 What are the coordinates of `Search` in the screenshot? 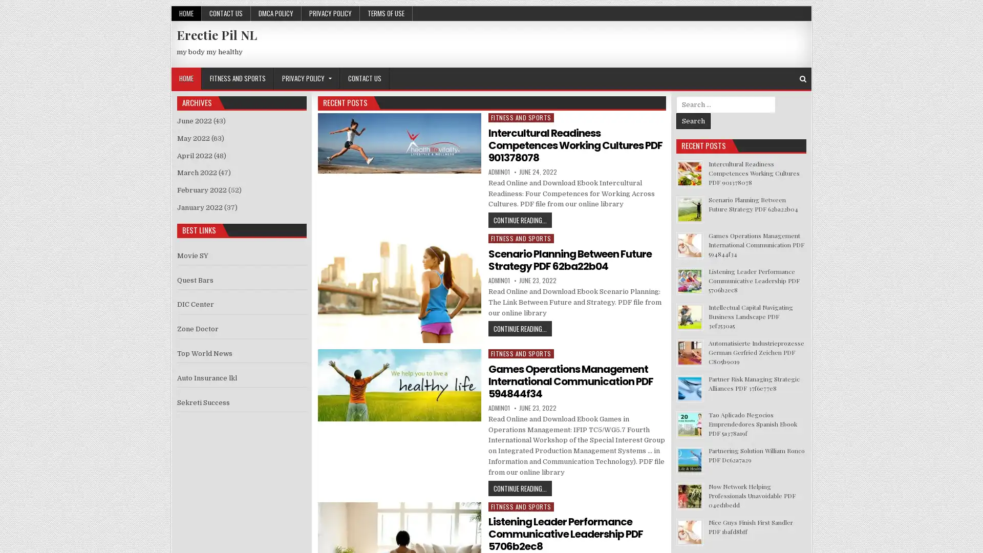 It's located at (693, 120).